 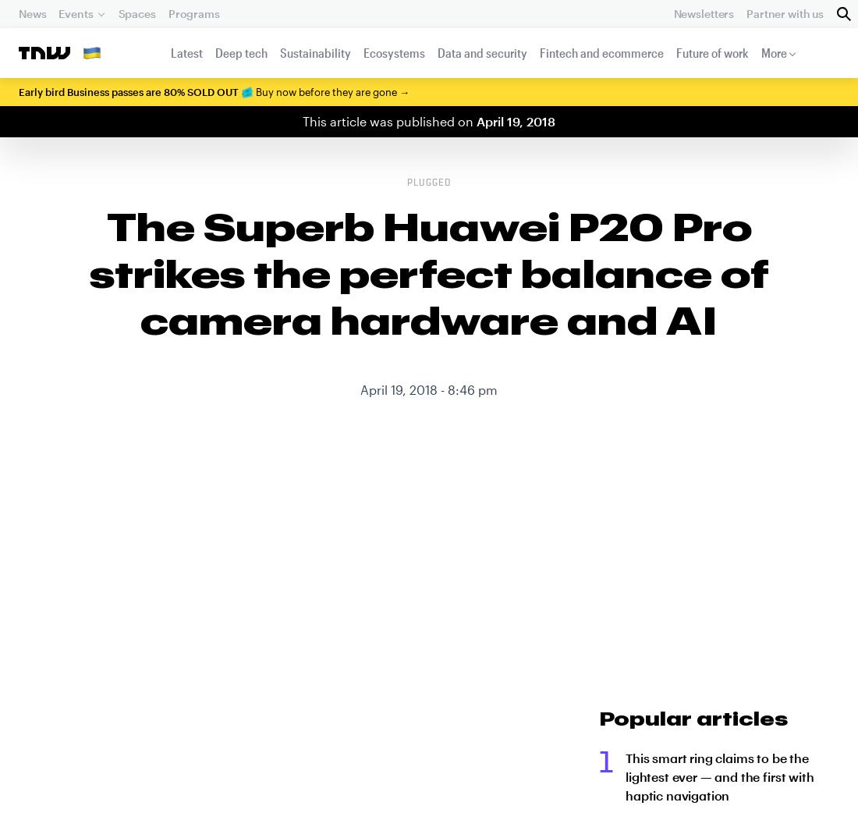 What do you see at coordinates (239, 51) in the screenshot?
I see `'Deep tech'` at bounding box center [239, 51].